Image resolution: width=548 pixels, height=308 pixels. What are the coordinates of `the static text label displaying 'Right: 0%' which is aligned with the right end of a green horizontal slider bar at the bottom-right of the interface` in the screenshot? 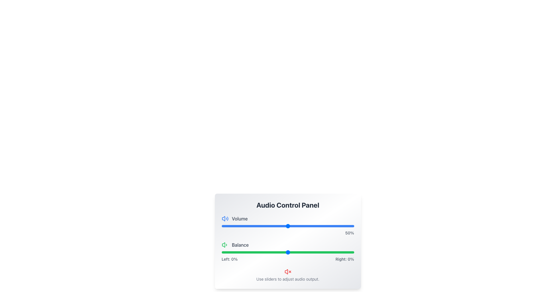 It's located at (344, 259).